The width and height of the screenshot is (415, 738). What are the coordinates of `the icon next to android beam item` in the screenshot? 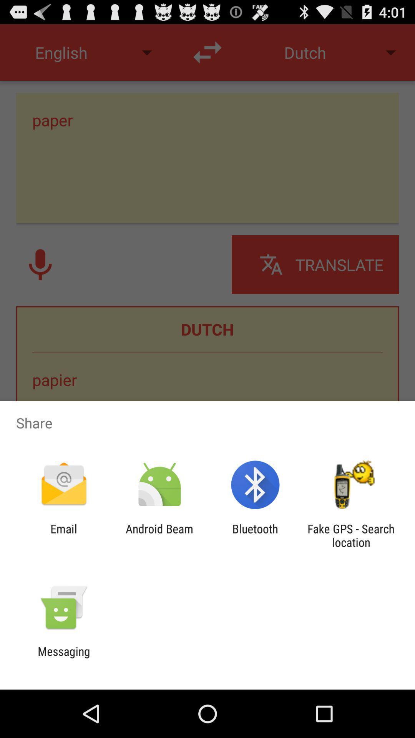 It's located at (255, 535).